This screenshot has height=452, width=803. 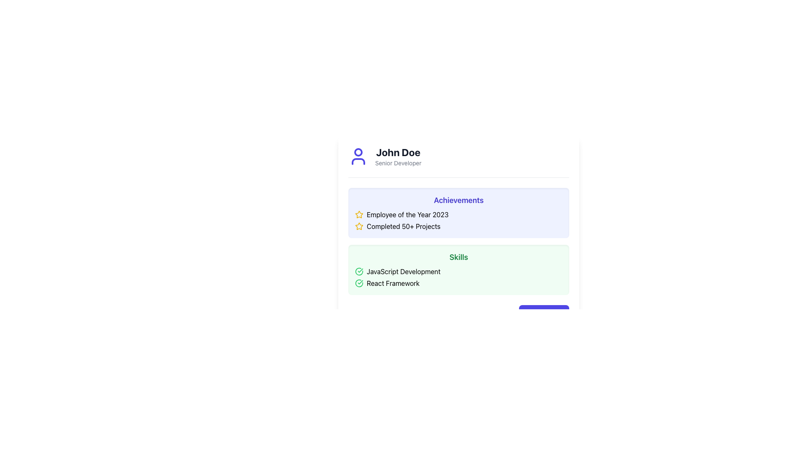 What do you see at coordinates (398, 163) in the screenshot?
I see `the 'Senior Developer' label, which is displayed in a smaller gray font directly below the 'John Doe' name text` at bounding box center [398, 163].